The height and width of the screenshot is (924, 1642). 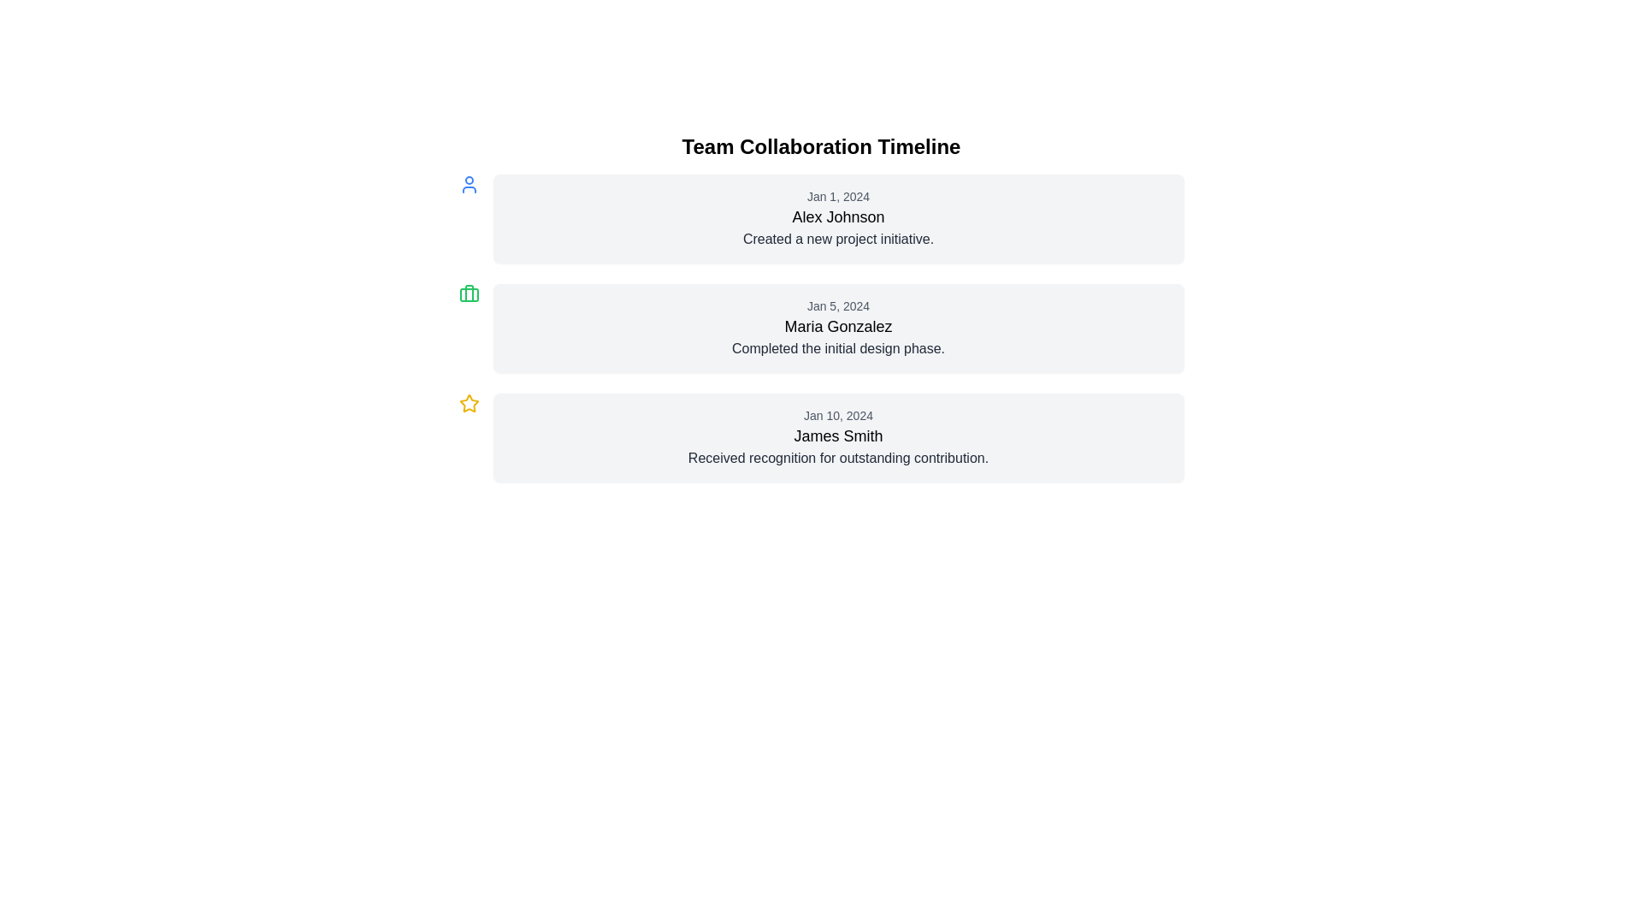 I want to click on the third timeline entry block in the team collaboration timeline that details a specific event, individual, and date, so click(x=838, y=437).